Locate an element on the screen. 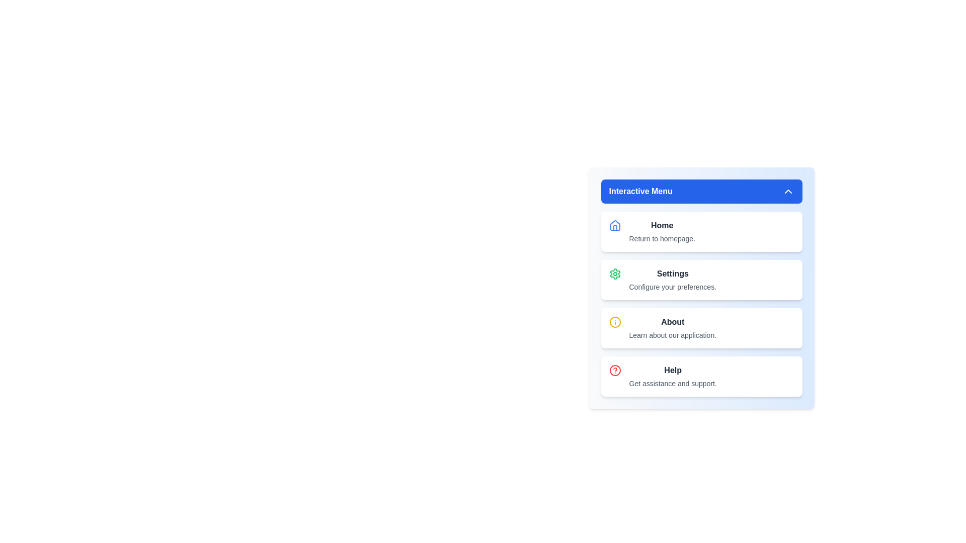 This screenshot has height=543, width=966. the settings icon/button located to the right of the 'Home' label and above the 'About' label in the interactive menu is located at coordinates (614, 274).